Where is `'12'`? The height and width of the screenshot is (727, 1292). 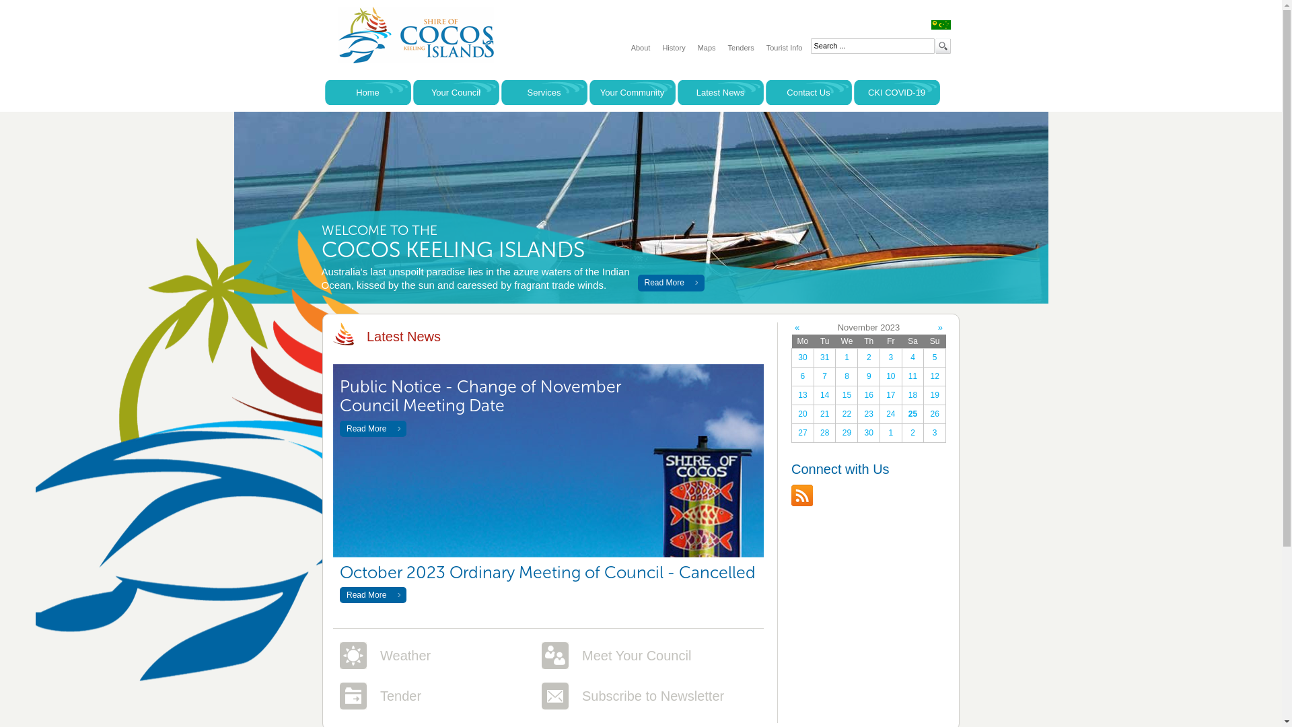 '12' is located at coordinates (923, 376).